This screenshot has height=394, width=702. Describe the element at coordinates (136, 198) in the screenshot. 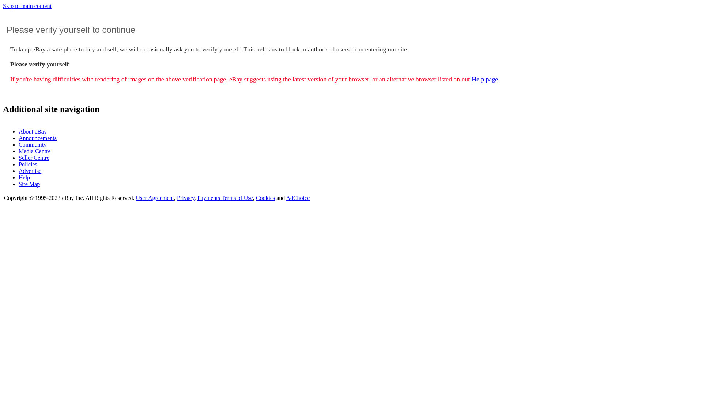

I see `'User Agreement'` at that location.